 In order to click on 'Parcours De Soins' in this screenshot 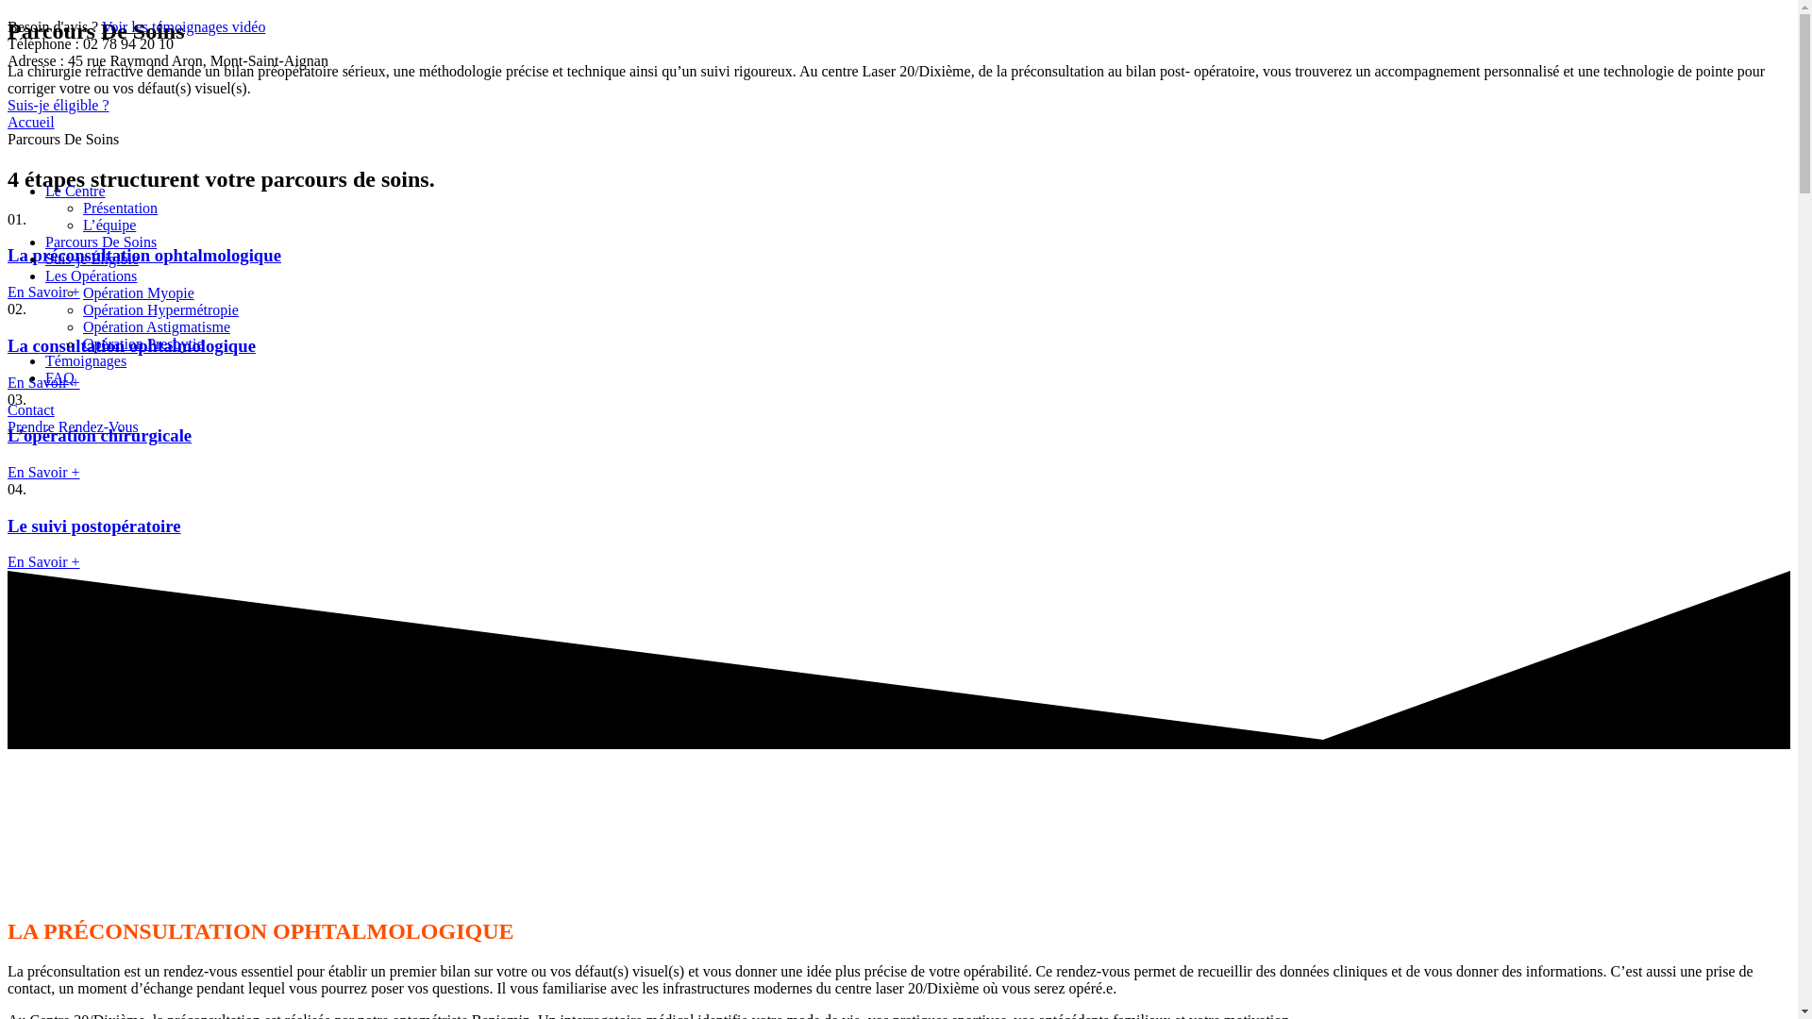, I will do `click(99, 241)`.